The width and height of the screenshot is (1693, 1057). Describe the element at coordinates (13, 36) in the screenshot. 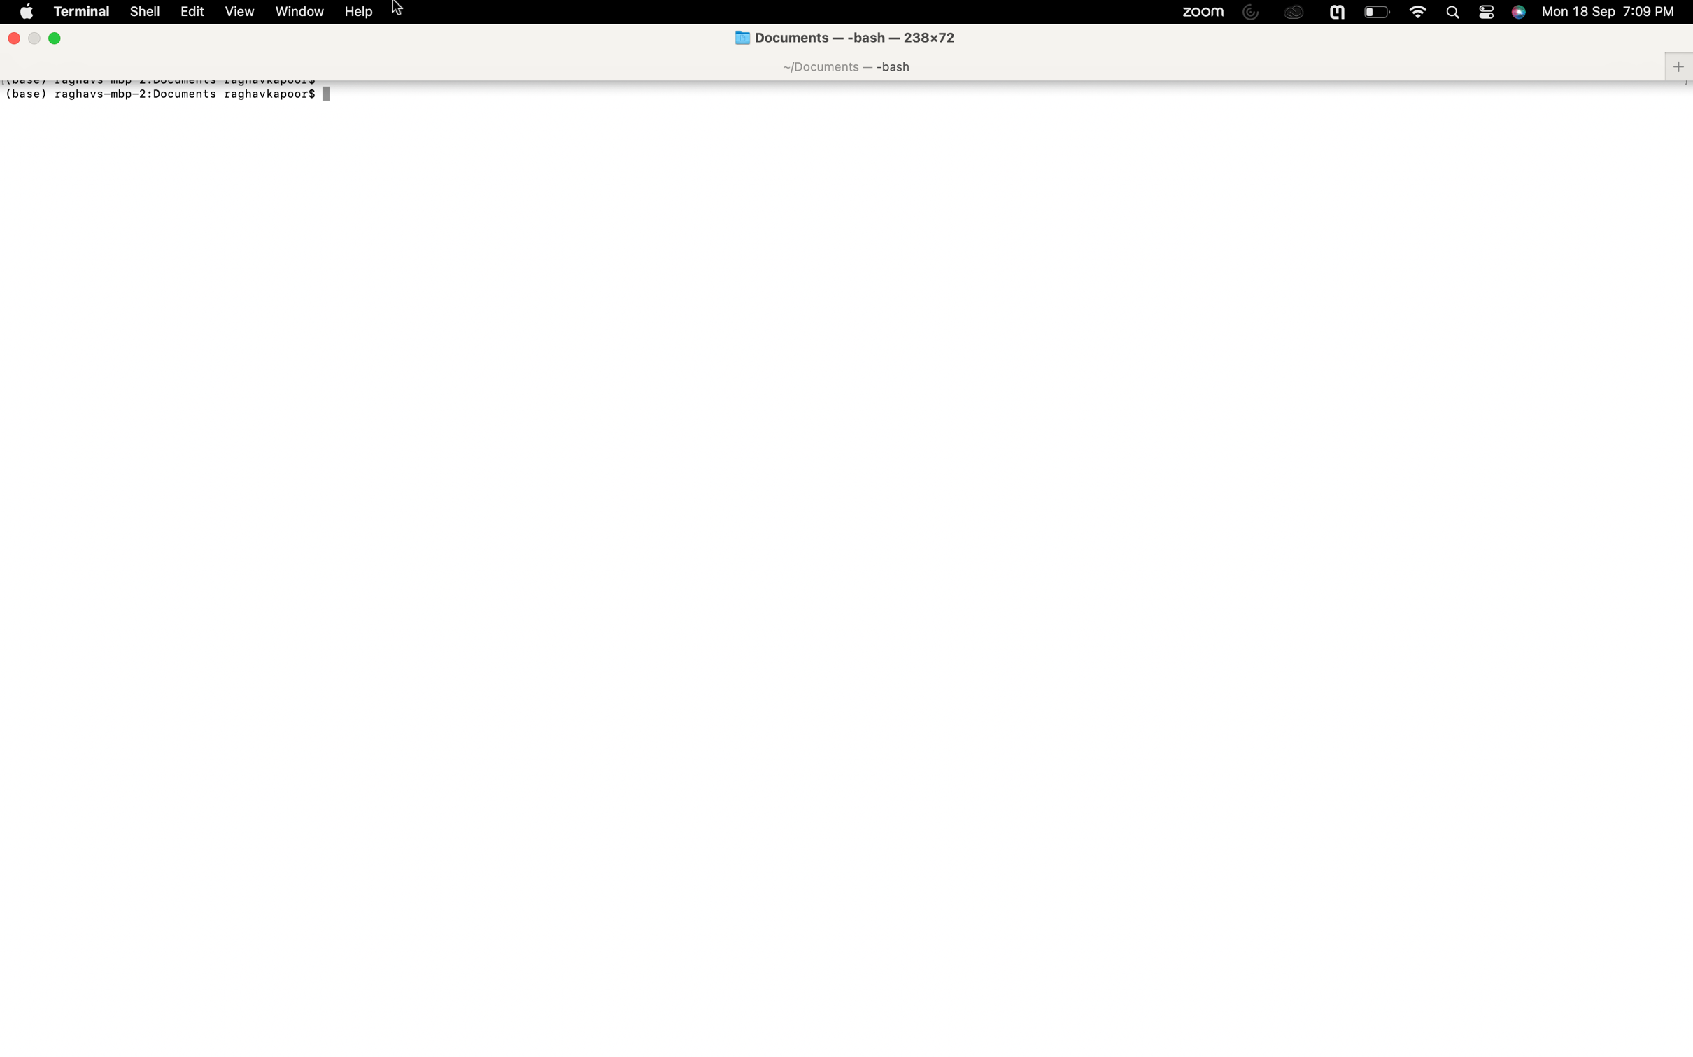

I see `the "close window" command to shut down the active window` at that location.